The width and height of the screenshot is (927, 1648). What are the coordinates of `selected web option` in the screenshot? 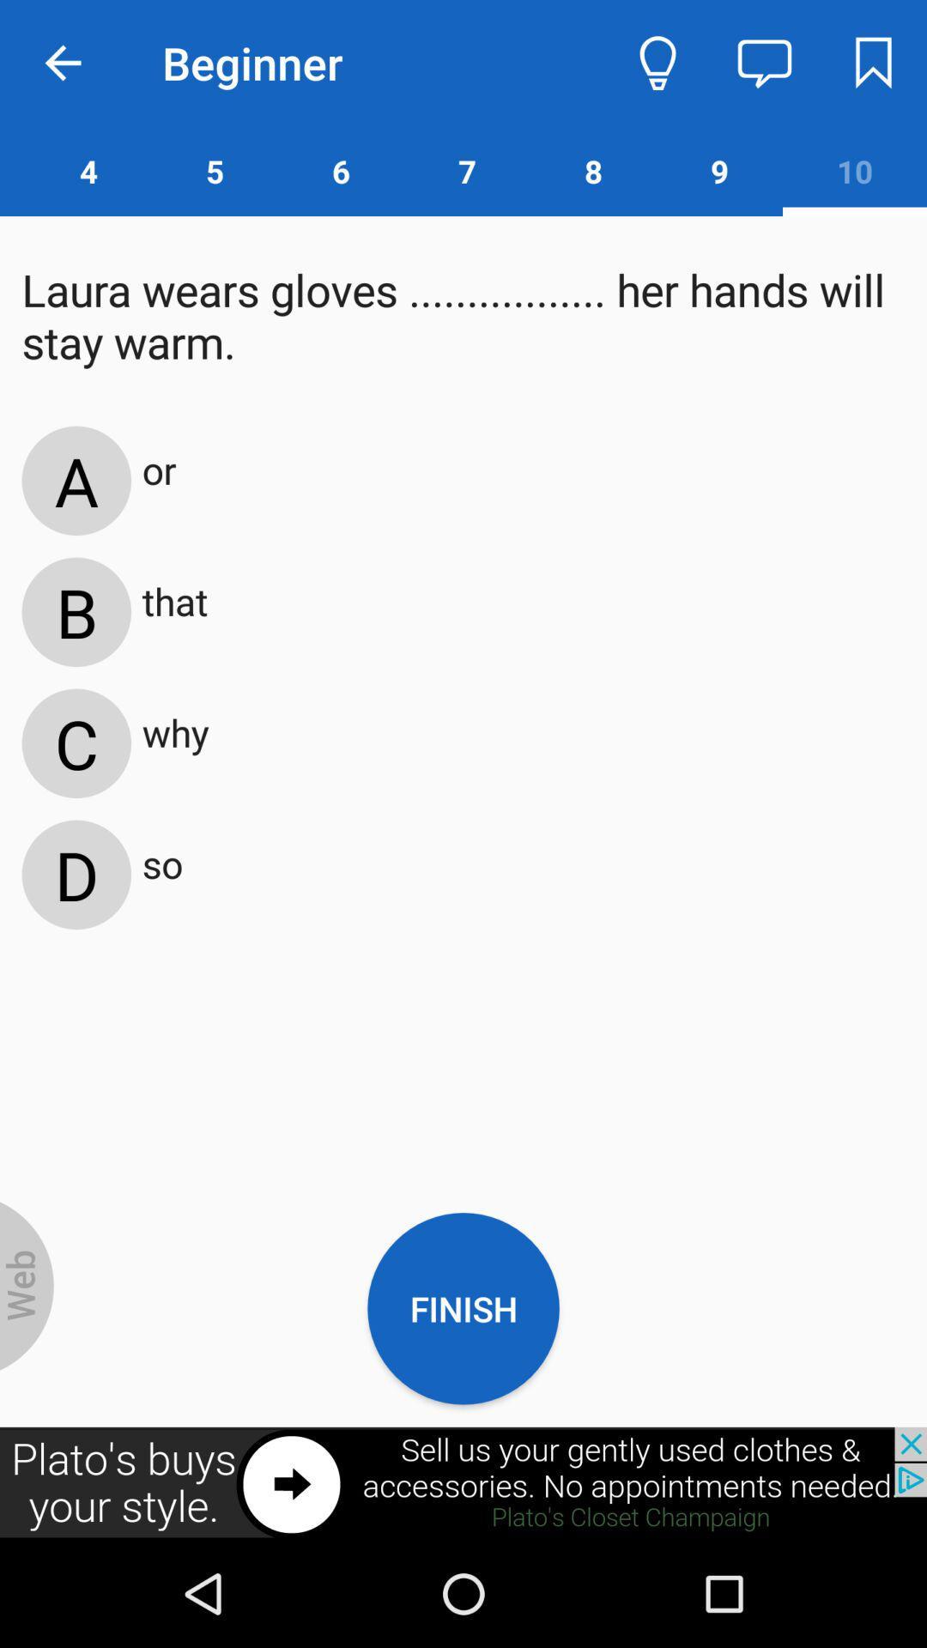 It's located at (27, 1286).